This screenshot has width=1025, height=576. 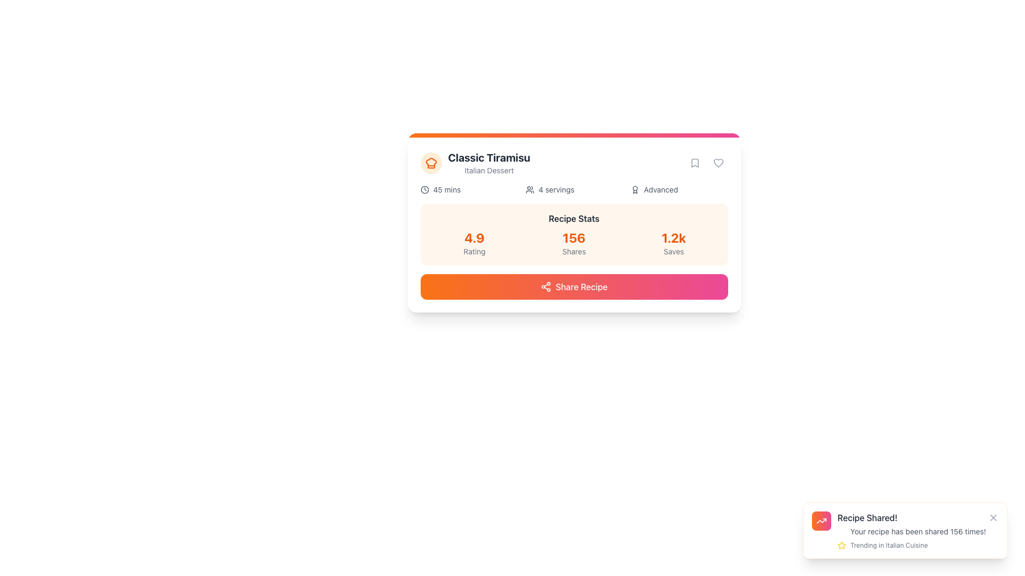 I want to click on the culinary concept icon located at the top-left of the card, adjacent to 'Classic Tiramisu', so click(x=431, y=163).